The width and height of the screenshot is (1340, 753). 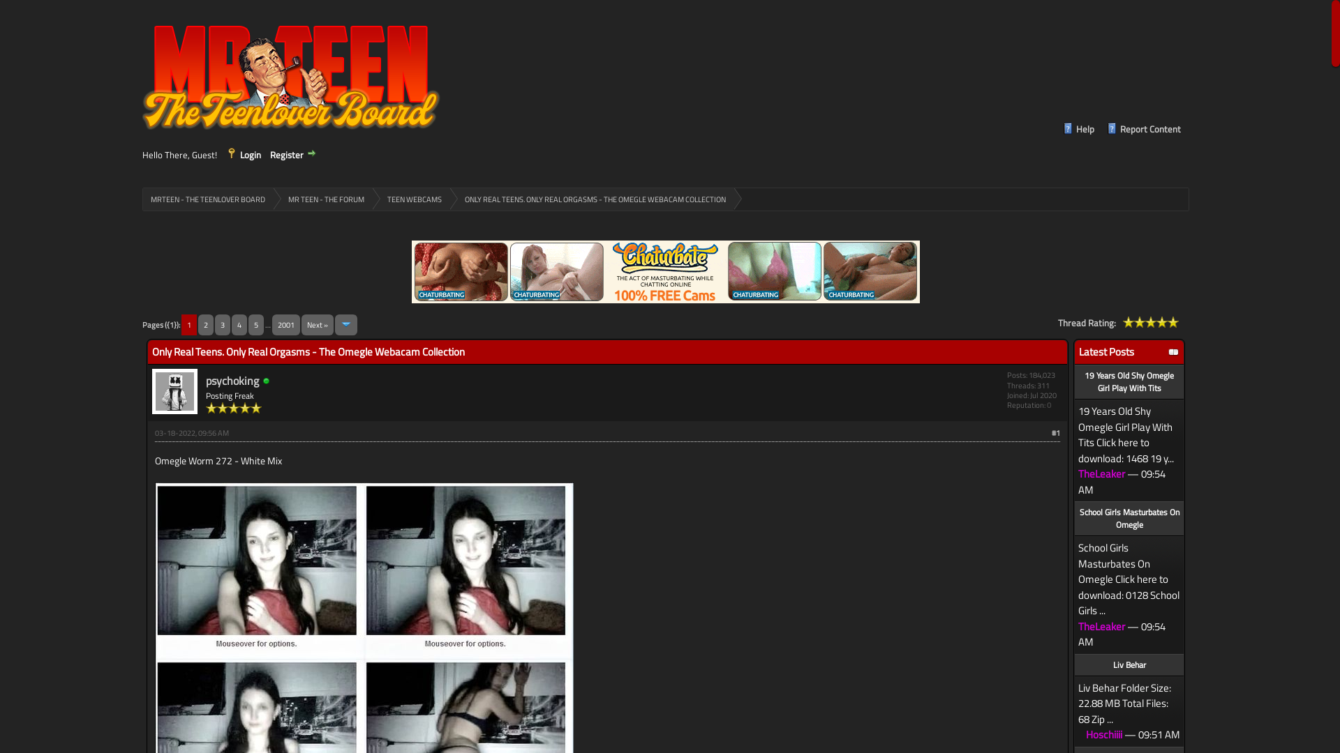 I want to click on 'Login', so click(x=244, y=155).